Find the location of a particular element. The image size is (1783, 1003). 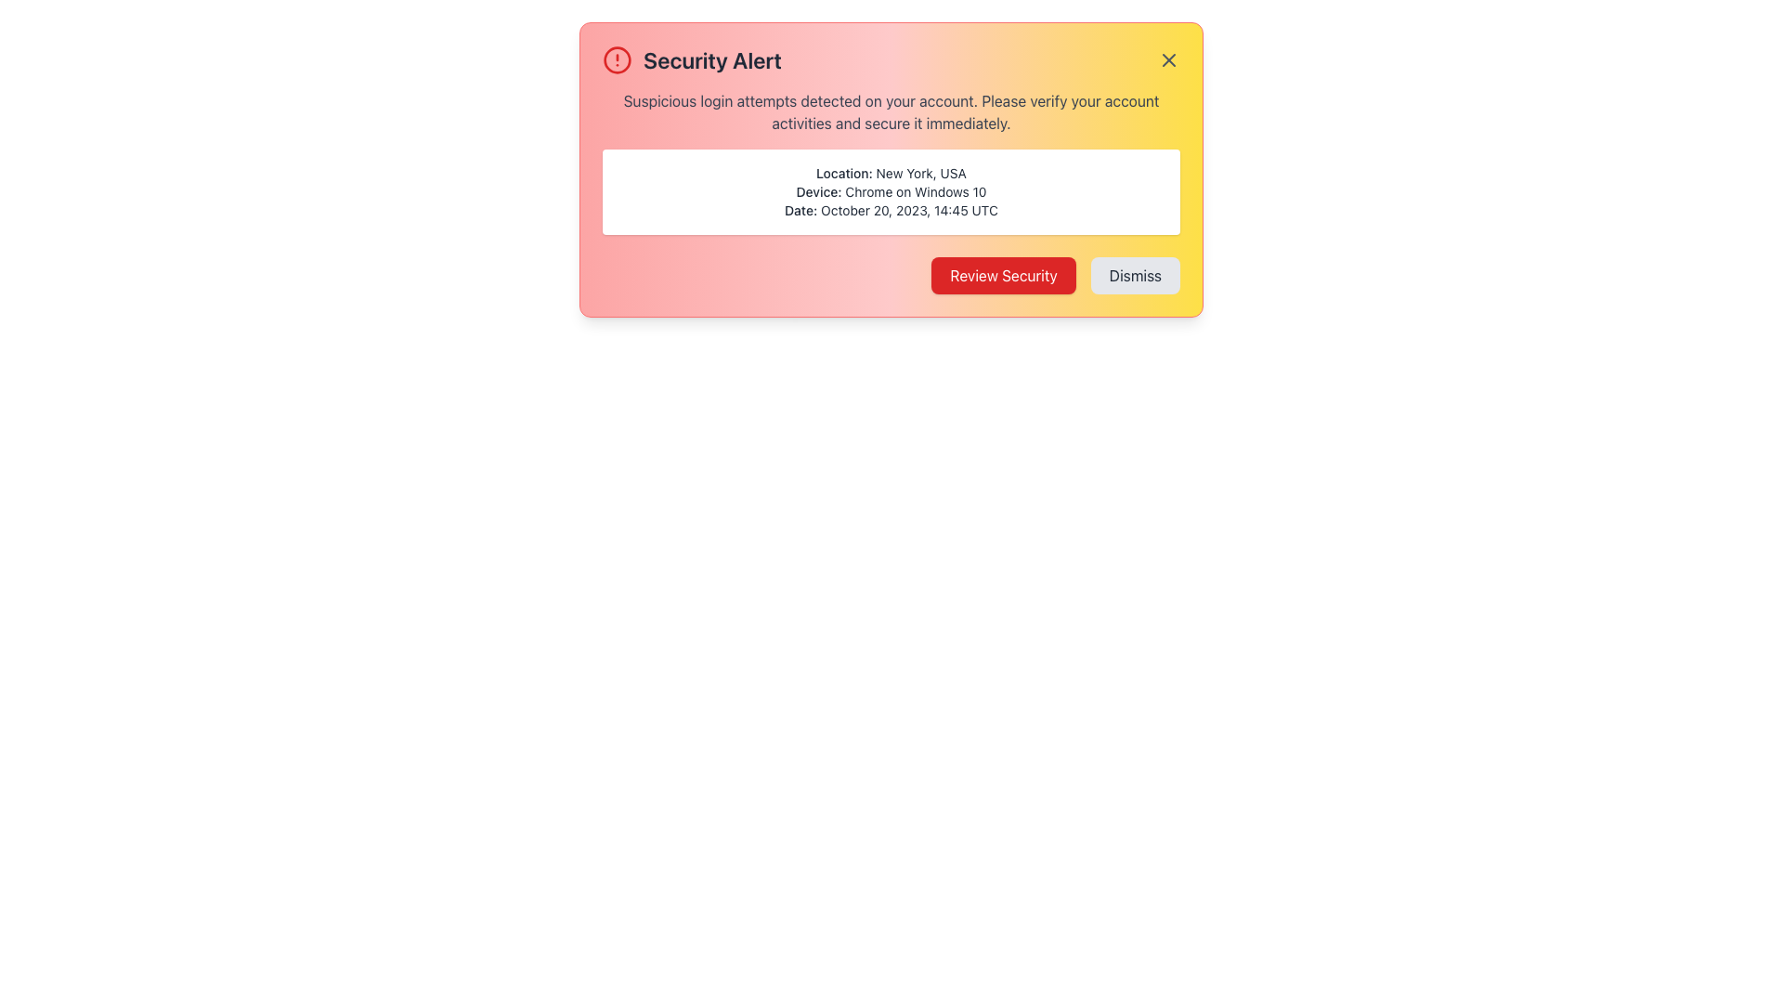

the 'Dismiss' button, which is a rectangular button with rounded corners located to the right of the 'Review Security' button in the alert box is located at coordinates (1134, 276).